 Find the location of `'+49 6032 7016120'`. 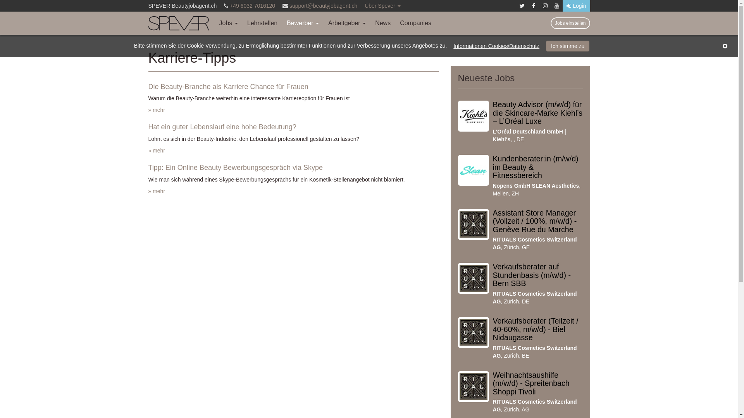

'+49 6032 7016120' is located at coordinates (252, 6).